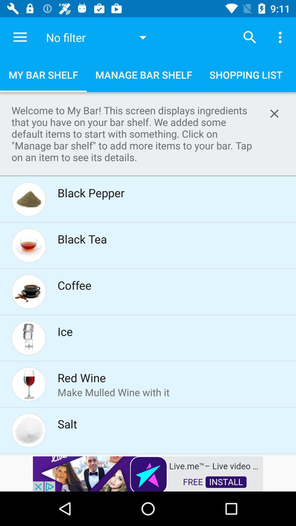 The image size is (296, 526). Describe the element at coordinates (29, 384) in the screenshot. I see `the image which has the text red wine mentioned next to it` at that location.